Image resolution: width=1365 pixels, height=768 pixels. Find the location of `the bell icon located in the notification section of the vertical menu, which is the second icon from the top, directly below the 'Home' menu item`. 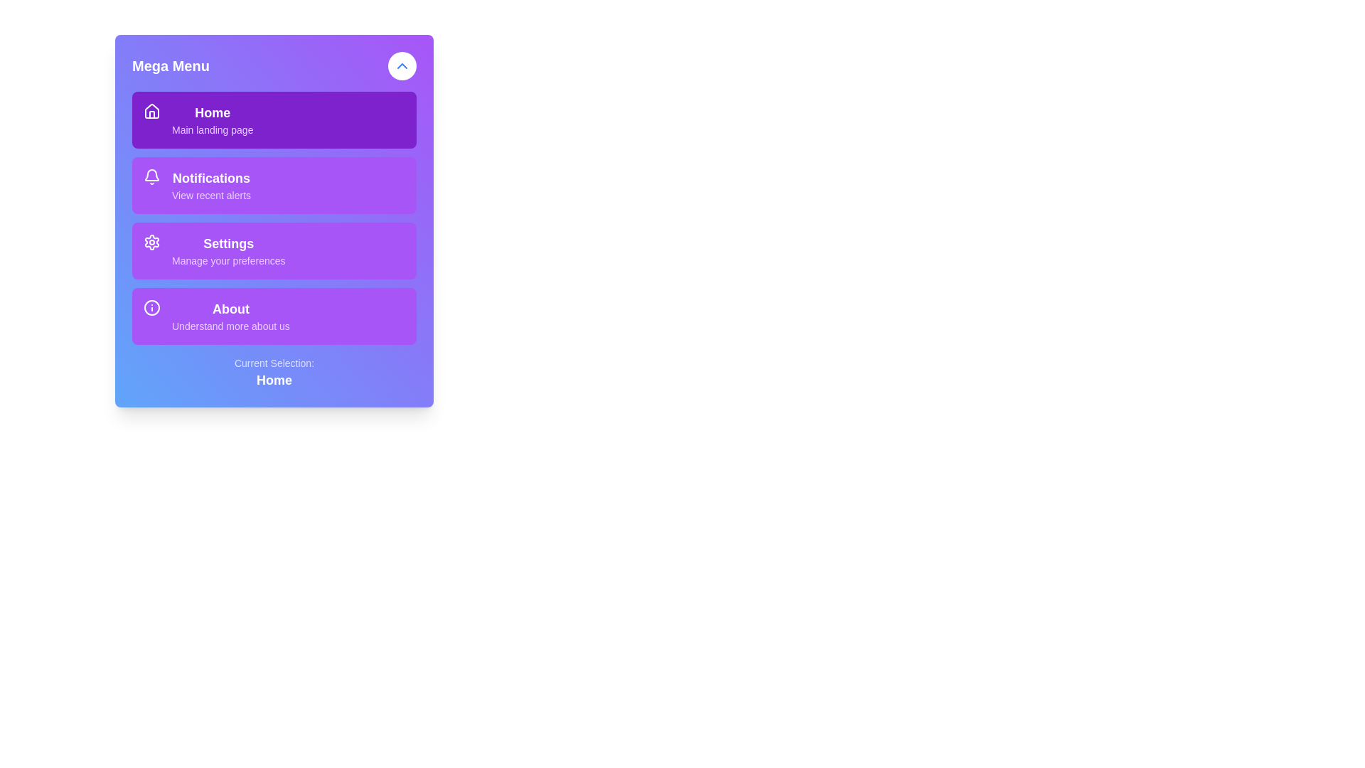

the bell icon located in the notification section of the vertical menu, which is the second icon from the top, directly below the 'Home' menu item is located at coordinates (152, 174).